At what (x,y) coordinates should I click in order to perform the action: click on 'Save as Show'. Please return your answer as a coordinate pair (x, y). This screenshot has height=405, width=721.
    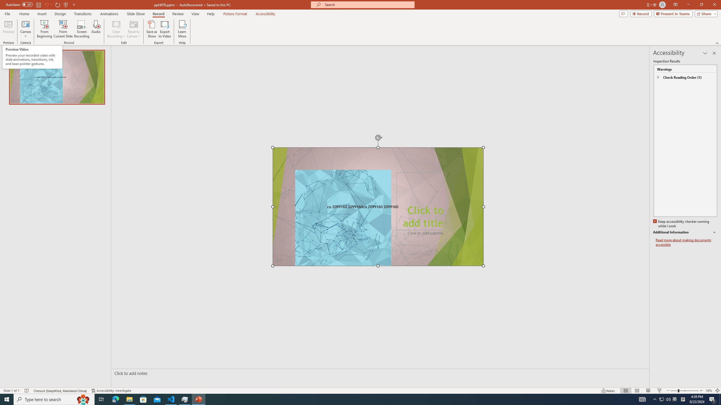
    Looking at the image, I should click on (152, 29).